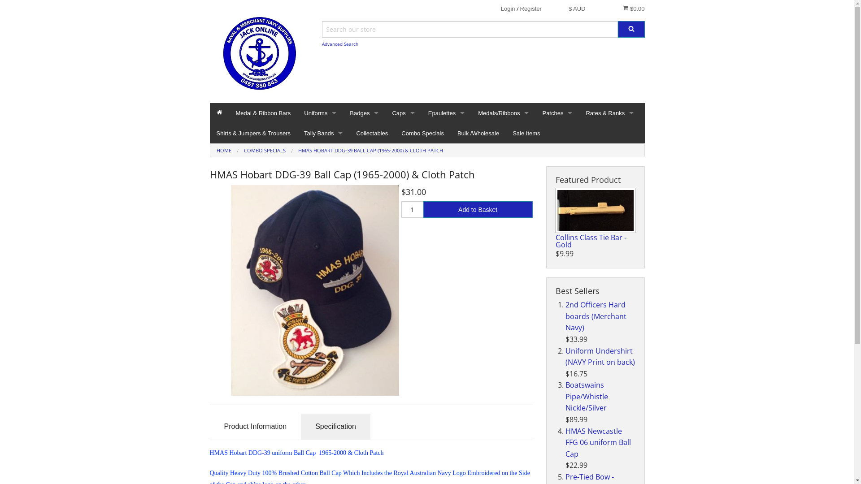 This screenshot has width=861, height=484. Describe the element at coordinates (297, 245) in the screenshot. I see `'Lanyards'` at that location.